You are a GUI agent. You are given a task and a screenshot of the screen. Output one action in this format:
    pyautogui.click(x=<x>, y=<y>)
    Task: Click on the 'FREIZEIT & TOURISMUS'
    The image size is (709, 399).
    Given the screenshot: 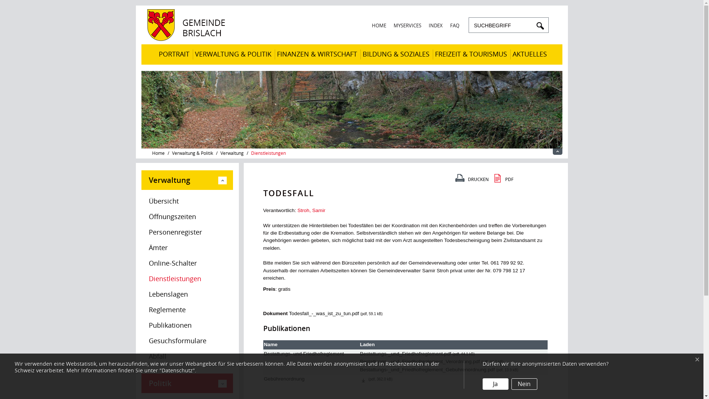 What is the action you would take?
    pyautogui.click(x=470, y=54)
    